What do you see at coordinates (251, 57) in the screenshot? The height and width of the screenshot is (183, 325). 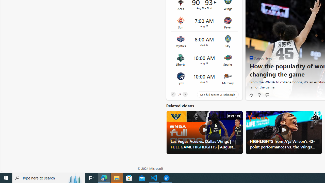 I see `'Scripps News'` at bounding box center [251, 57].